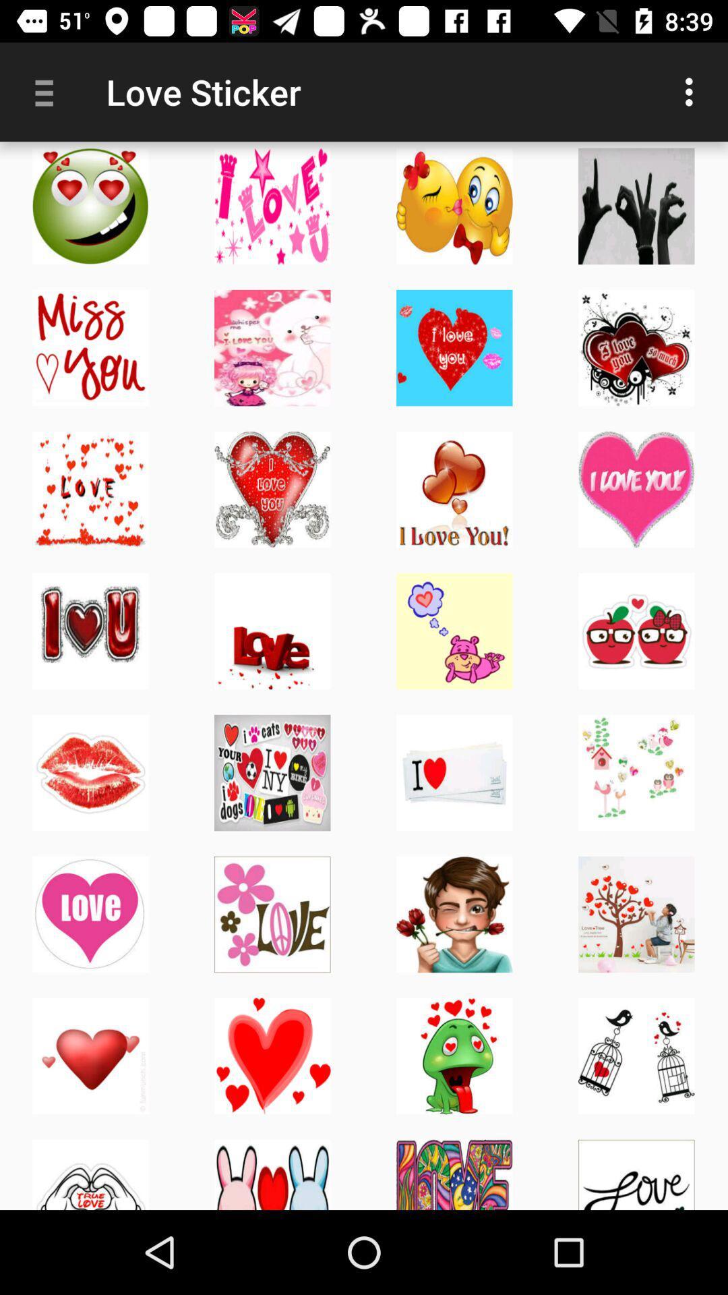 The width and height of the screenshot is (728, 1295). I want to click on icon to the left of the love sticker, so click(49, 91).